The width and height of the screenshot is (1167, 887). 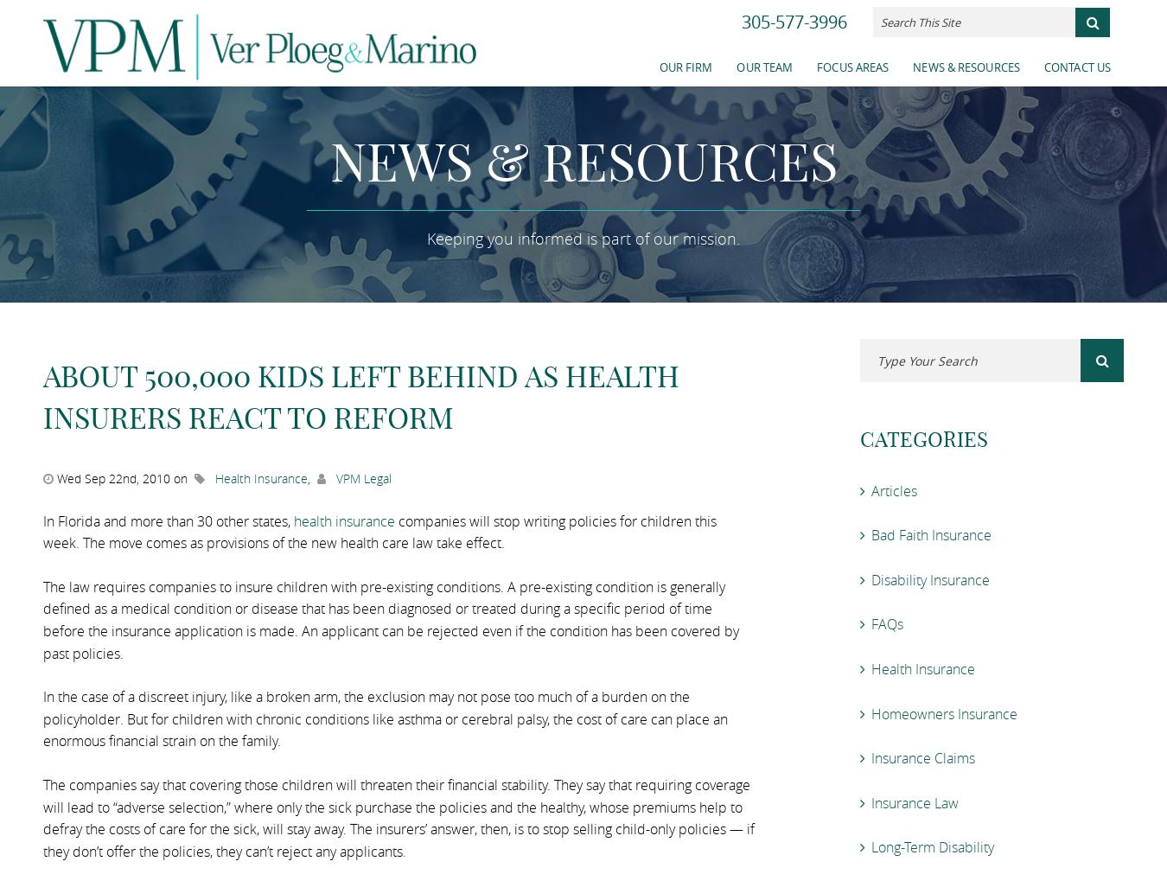 I want to click on 'The companies say that covering those children will threaten their financial stability. They say that requiring coverage will lead to “adverse selection,” where only the sick purchase the policies and the healthy, whose premiums help to defray the costs of care for the sick, will stay away. The insurers’ answer, then, is to stop selling child-only policies — if they don’t offer the policies, they can’t reject any applicants.', so click(x=398, y=817).